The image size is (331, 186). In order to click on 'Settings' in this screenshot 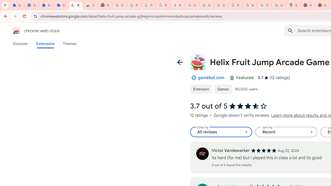, I will do `click(31, 5)`.